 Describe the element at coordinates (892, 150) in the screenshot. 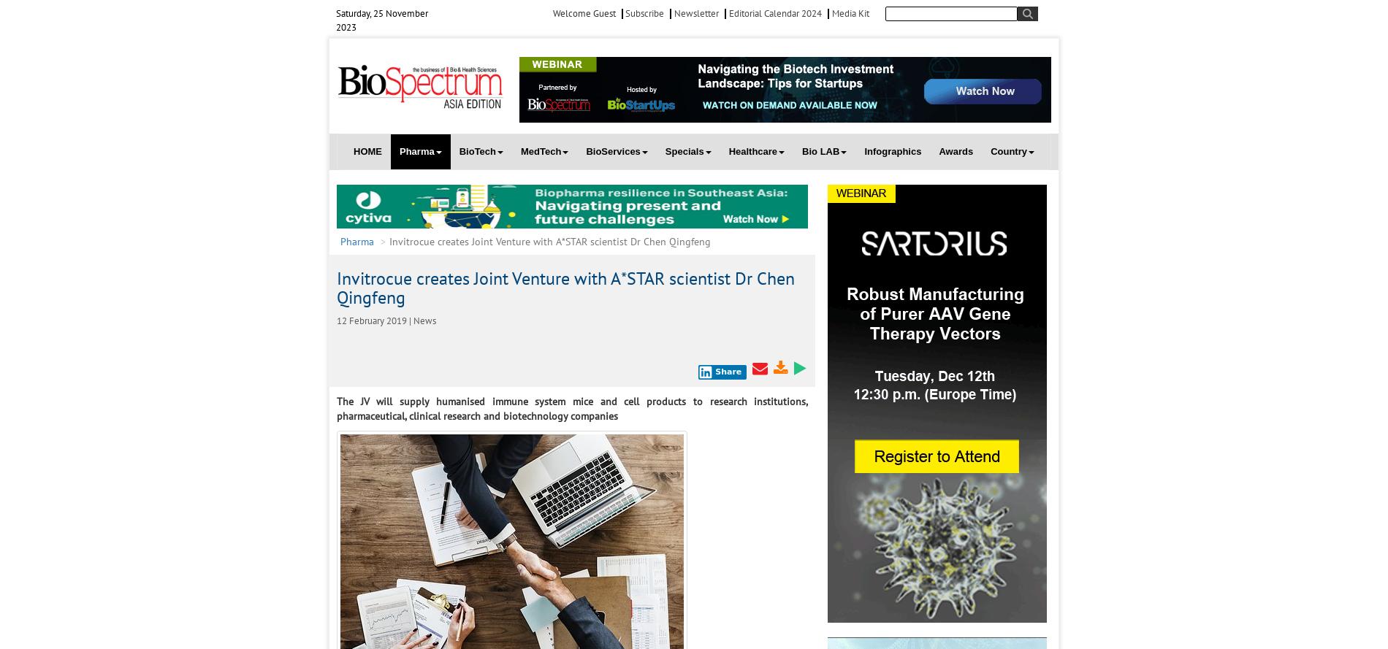

I see `'Infographics'` at that location.